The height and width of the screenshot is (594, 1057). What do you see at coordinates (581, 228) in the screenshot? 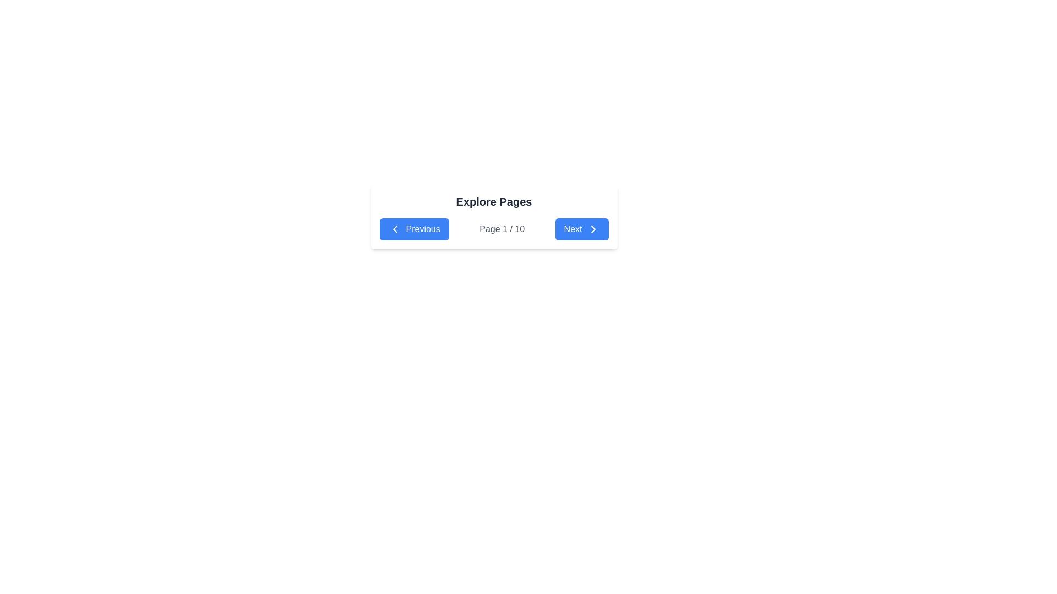
I see `the blue 'Next' button with white text and an arrow icon, located at the rightmost position of the navigation bar` at bounding box center [581, 228].